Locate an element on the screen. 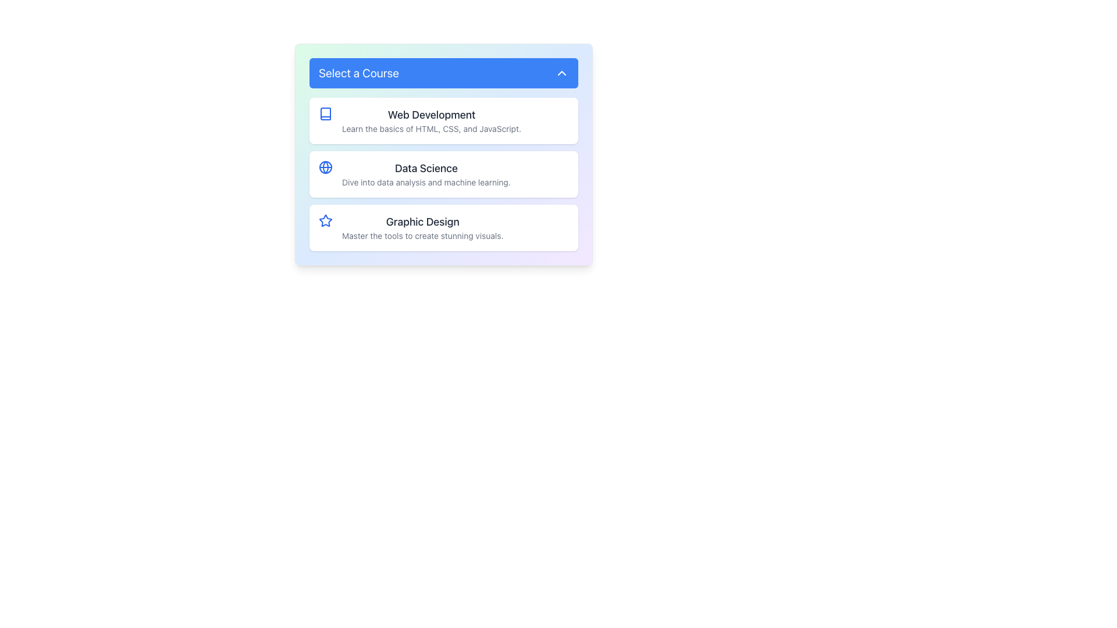 This screenshot has height=628, width=1117. the chevron up arrow icon located on the right side of the blue header bar labeled 'Select a Course' is located at coordinates (561, 73).